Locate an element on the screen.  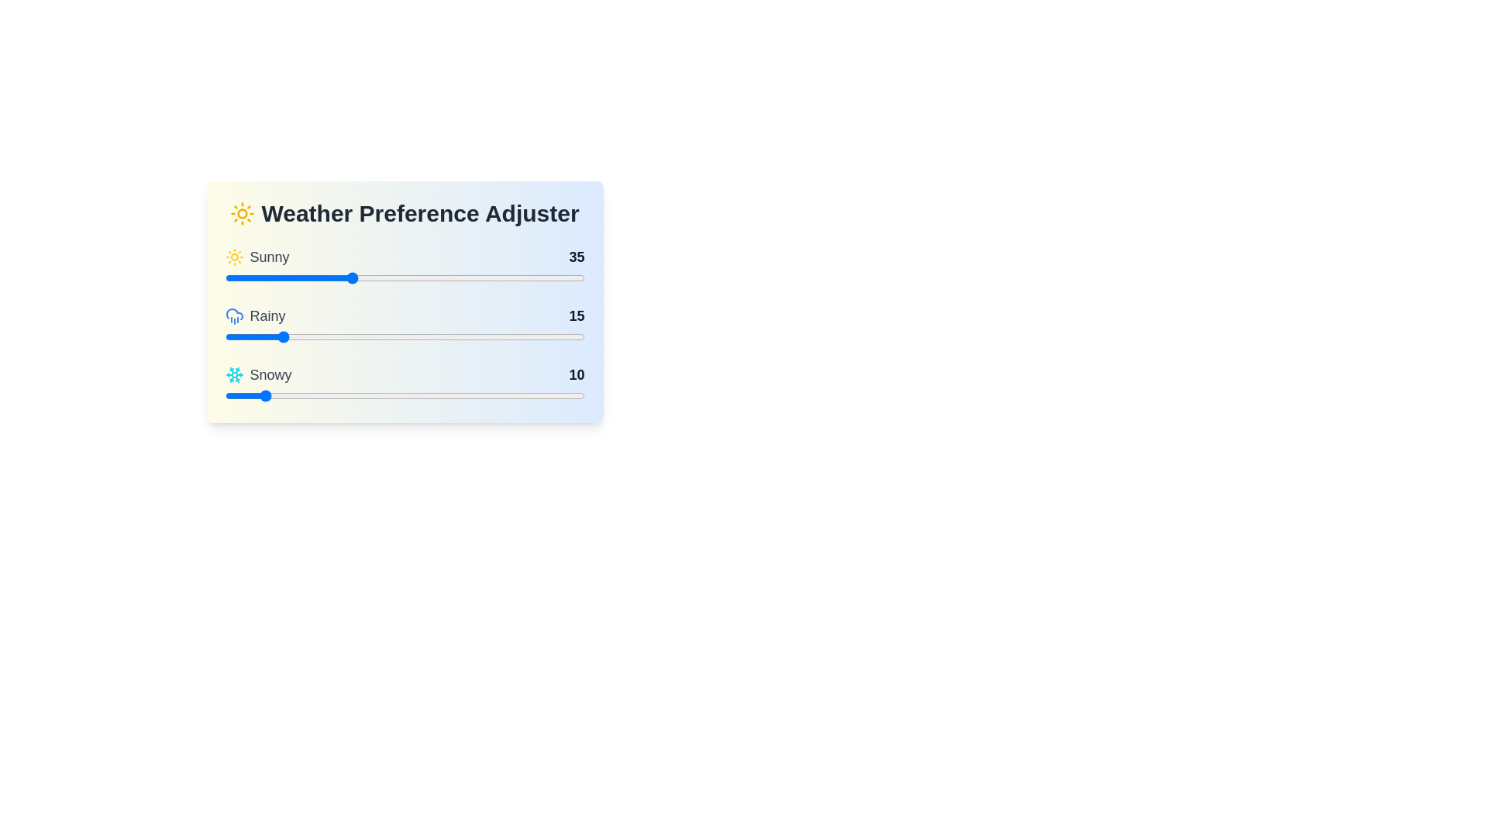
the slider for 'Rainy' to set its value to 26 is located at coordinates (318, 336).